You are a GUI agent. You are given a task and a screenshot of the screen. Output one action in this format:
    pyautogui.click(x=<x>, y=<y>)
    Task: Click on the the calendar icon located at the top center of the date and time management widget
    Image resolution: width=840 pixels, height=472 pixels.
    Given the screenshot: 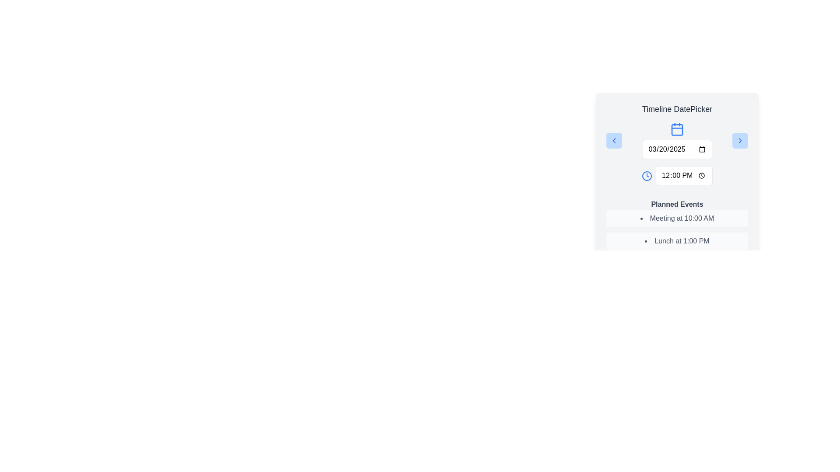 What is the action you would take?
    pyautogui.click(x=677, y=129)
    